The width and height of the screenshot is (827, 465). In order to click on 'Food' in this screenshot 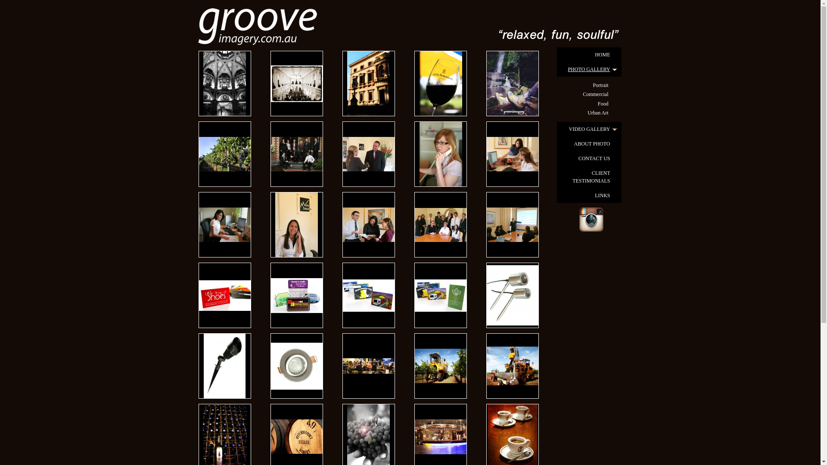, I will do `click(589, 103)`.